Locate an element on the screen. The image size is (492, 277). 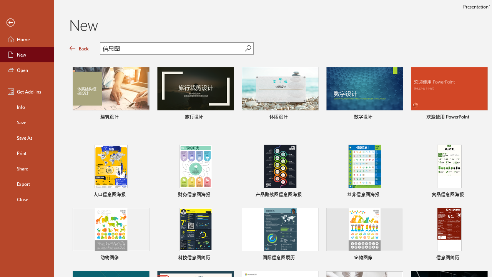
'Save As' is located at coordinates (27, 137).